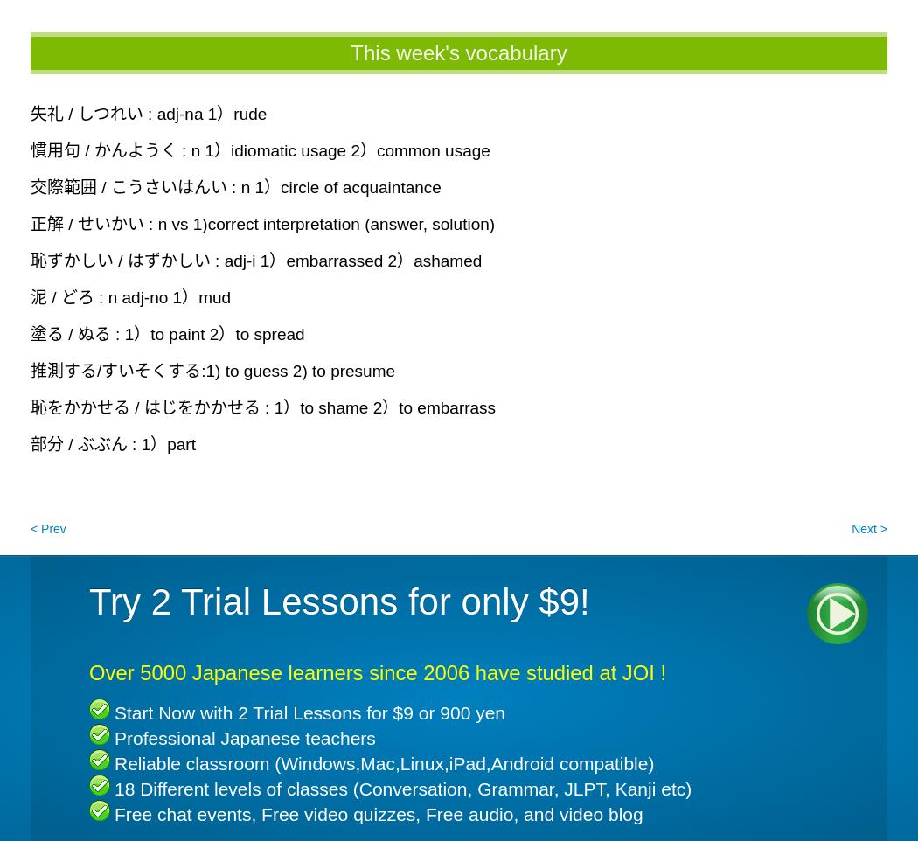 The width and height of the screenshot is (918, 841). What do you see at coordinates (383, 762) in the screenshot?
I see `'Reliable classroom (Windows,Mac,Linux,iPad,Android compatible)'` at bounding box center [383, 762].